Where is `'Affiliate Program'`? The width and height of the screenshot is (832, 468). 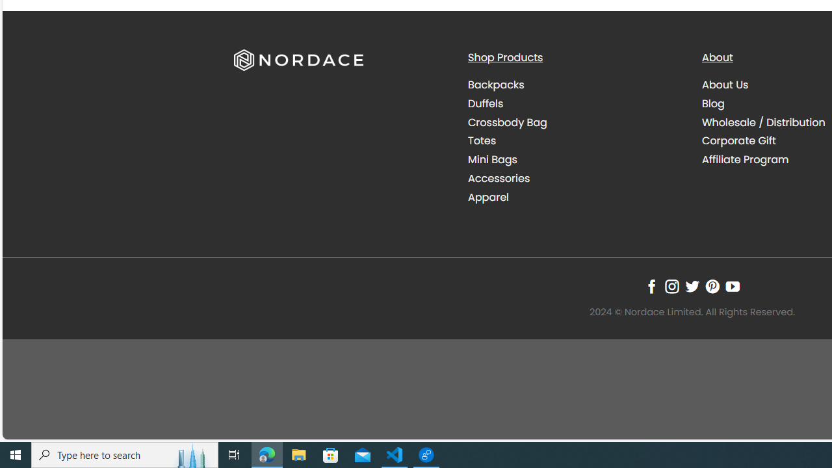 'Affiliate Program' is located at coordinates (745, 159).